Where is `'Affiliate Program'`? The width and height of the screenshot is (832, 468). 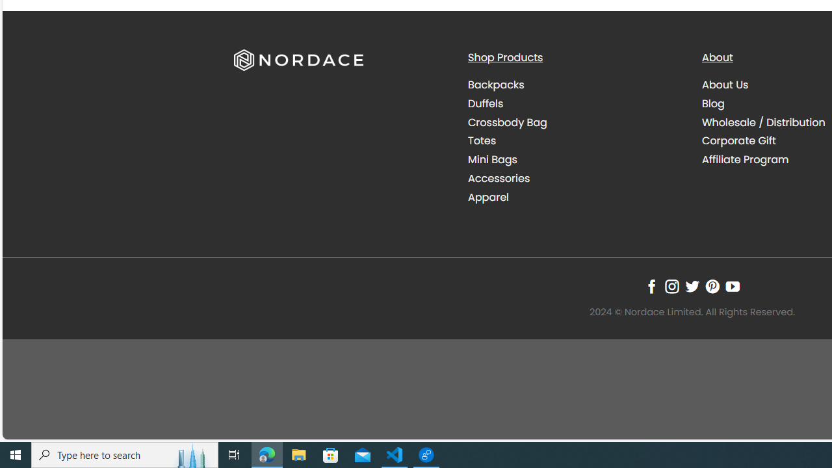 'Affiliate Program' is located at coordinates (745, 159).